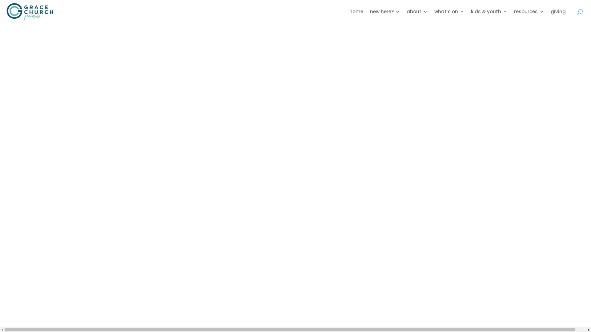 This screenshot has width=591, height=332. What do you see at coordinates (488, 12) in the screenshot?
I see `'kids & youth'` at bounding box center [488, 12].